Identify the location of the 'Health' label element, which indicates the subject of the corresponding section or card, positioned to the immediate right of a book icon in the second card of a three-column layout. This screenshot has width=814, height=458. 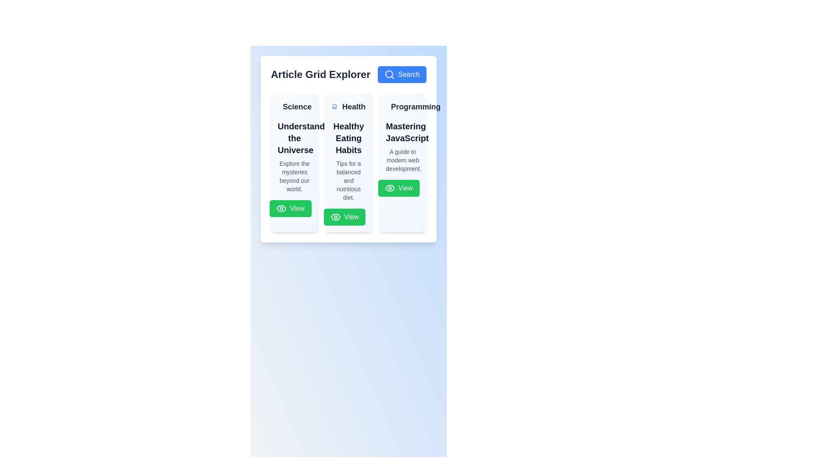
(354, 106).